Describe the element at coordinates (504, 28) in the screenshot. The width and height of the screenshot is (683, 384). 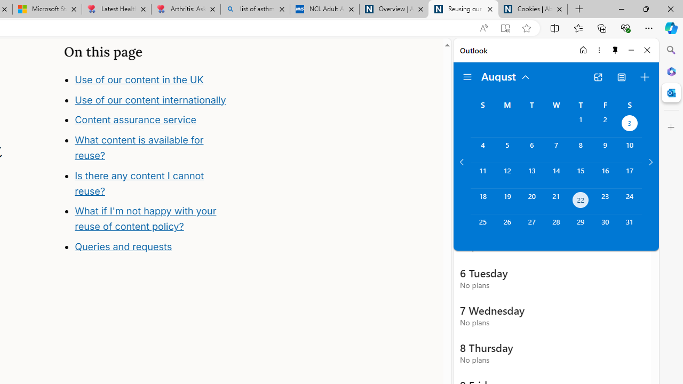
I see `'Enter Immersive Reader (F9)'` at that location.